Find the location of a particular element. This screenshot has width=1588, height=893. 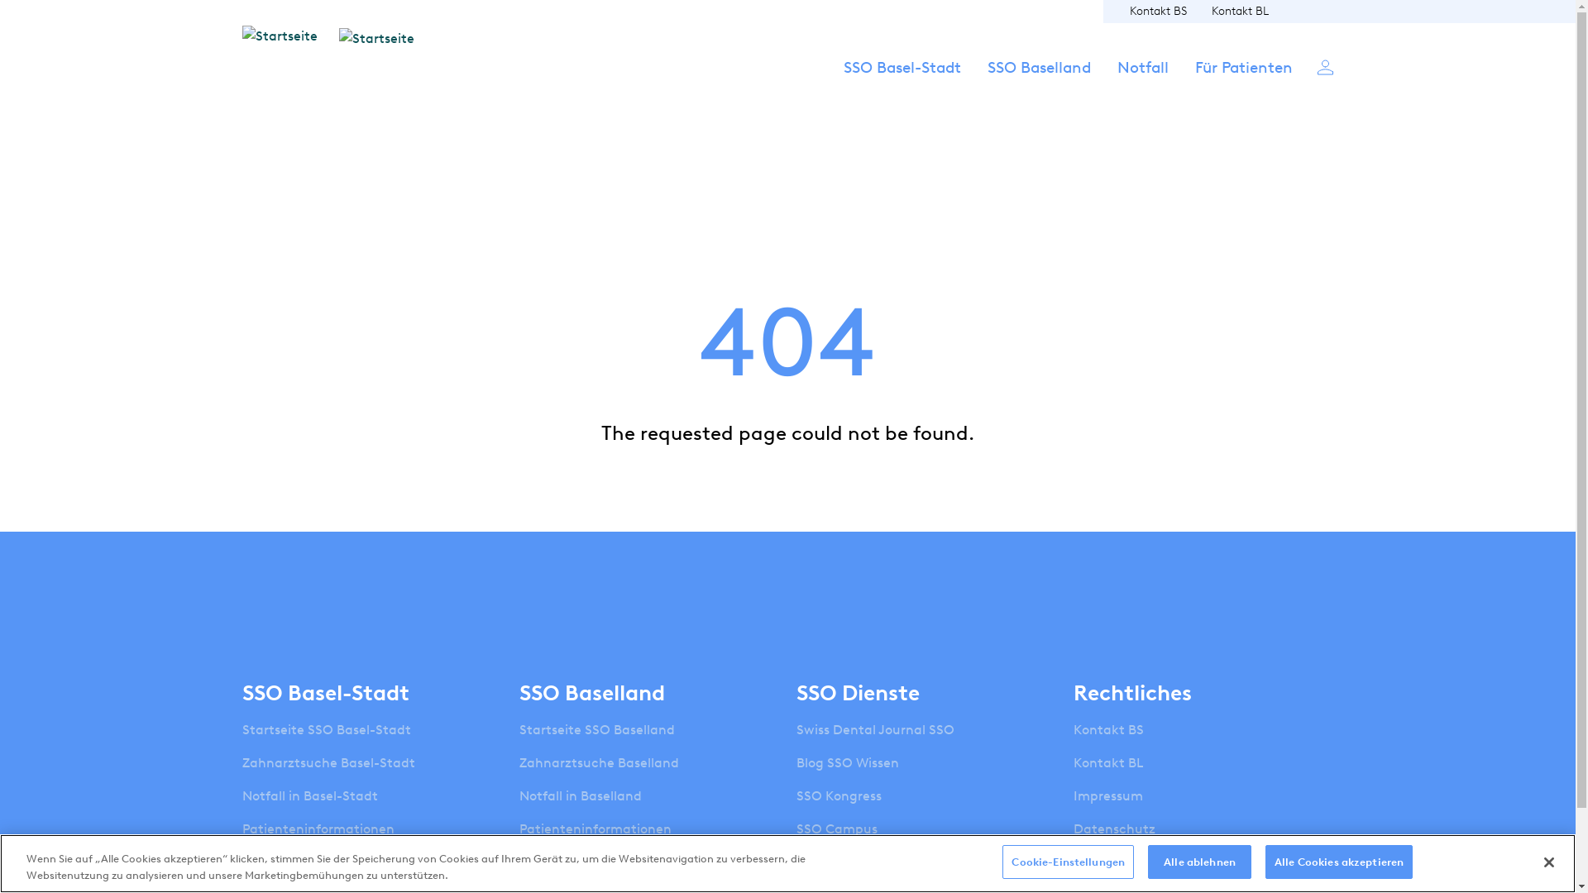

'Startseite SSO Basel-Stadt' is located at coordinates (241, 729).